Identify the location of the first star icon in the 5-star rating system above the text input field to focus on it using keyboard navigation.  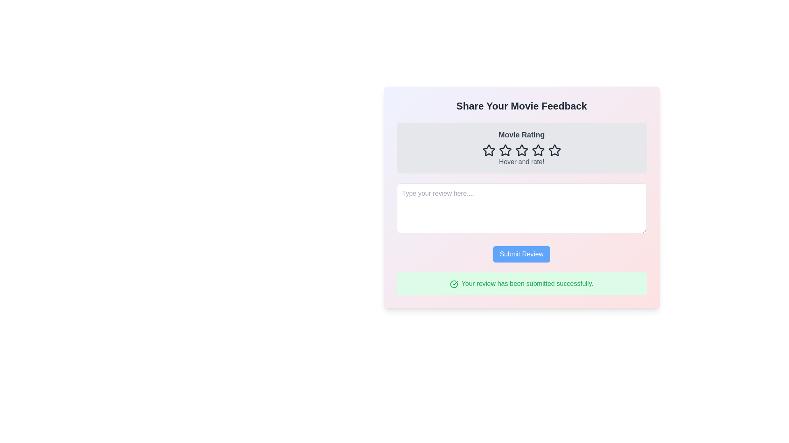
(489, 150).